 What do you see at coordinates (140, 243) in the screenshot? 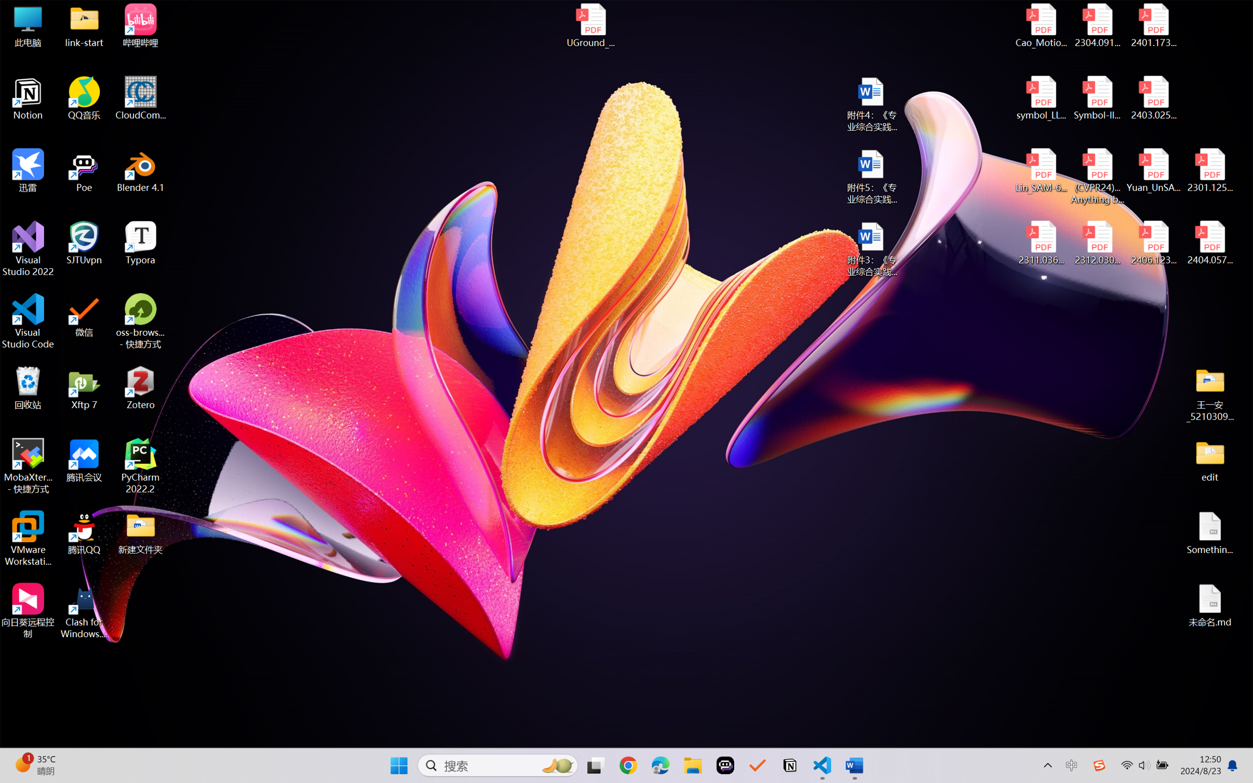
I see `'Typora'` at bounding box center [140, 243].